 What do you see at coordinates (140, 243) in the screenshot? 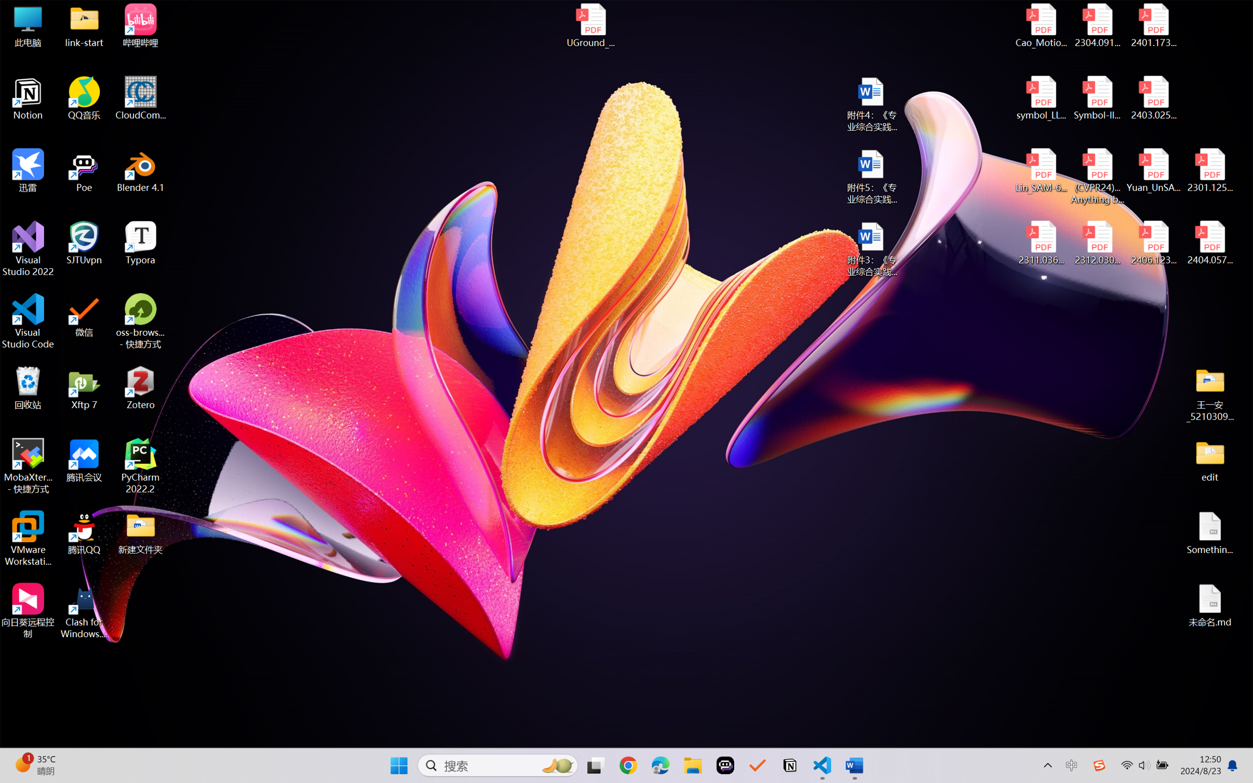
I see `'Typora'` at bounding box center [140, 243].